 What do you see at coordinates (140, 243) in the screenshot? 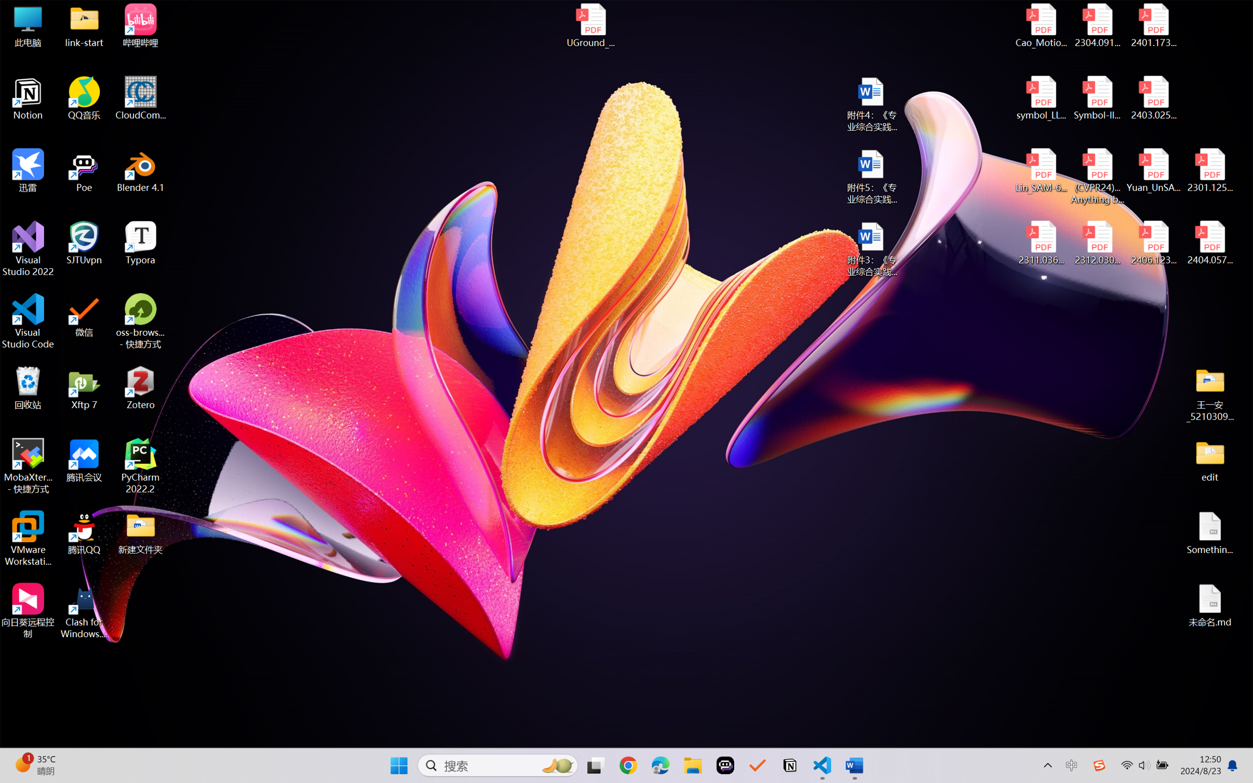
I see `'Typora'` at bounding box center [140, 243].